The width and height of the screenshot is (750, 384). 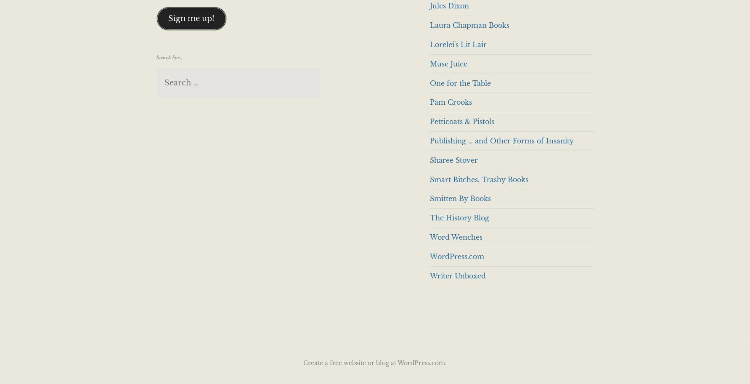 What do you see at coordinates (461, 121) in the screenshot?
I see `'Petticoats & Pistols'` at bounding box center [461, 121].